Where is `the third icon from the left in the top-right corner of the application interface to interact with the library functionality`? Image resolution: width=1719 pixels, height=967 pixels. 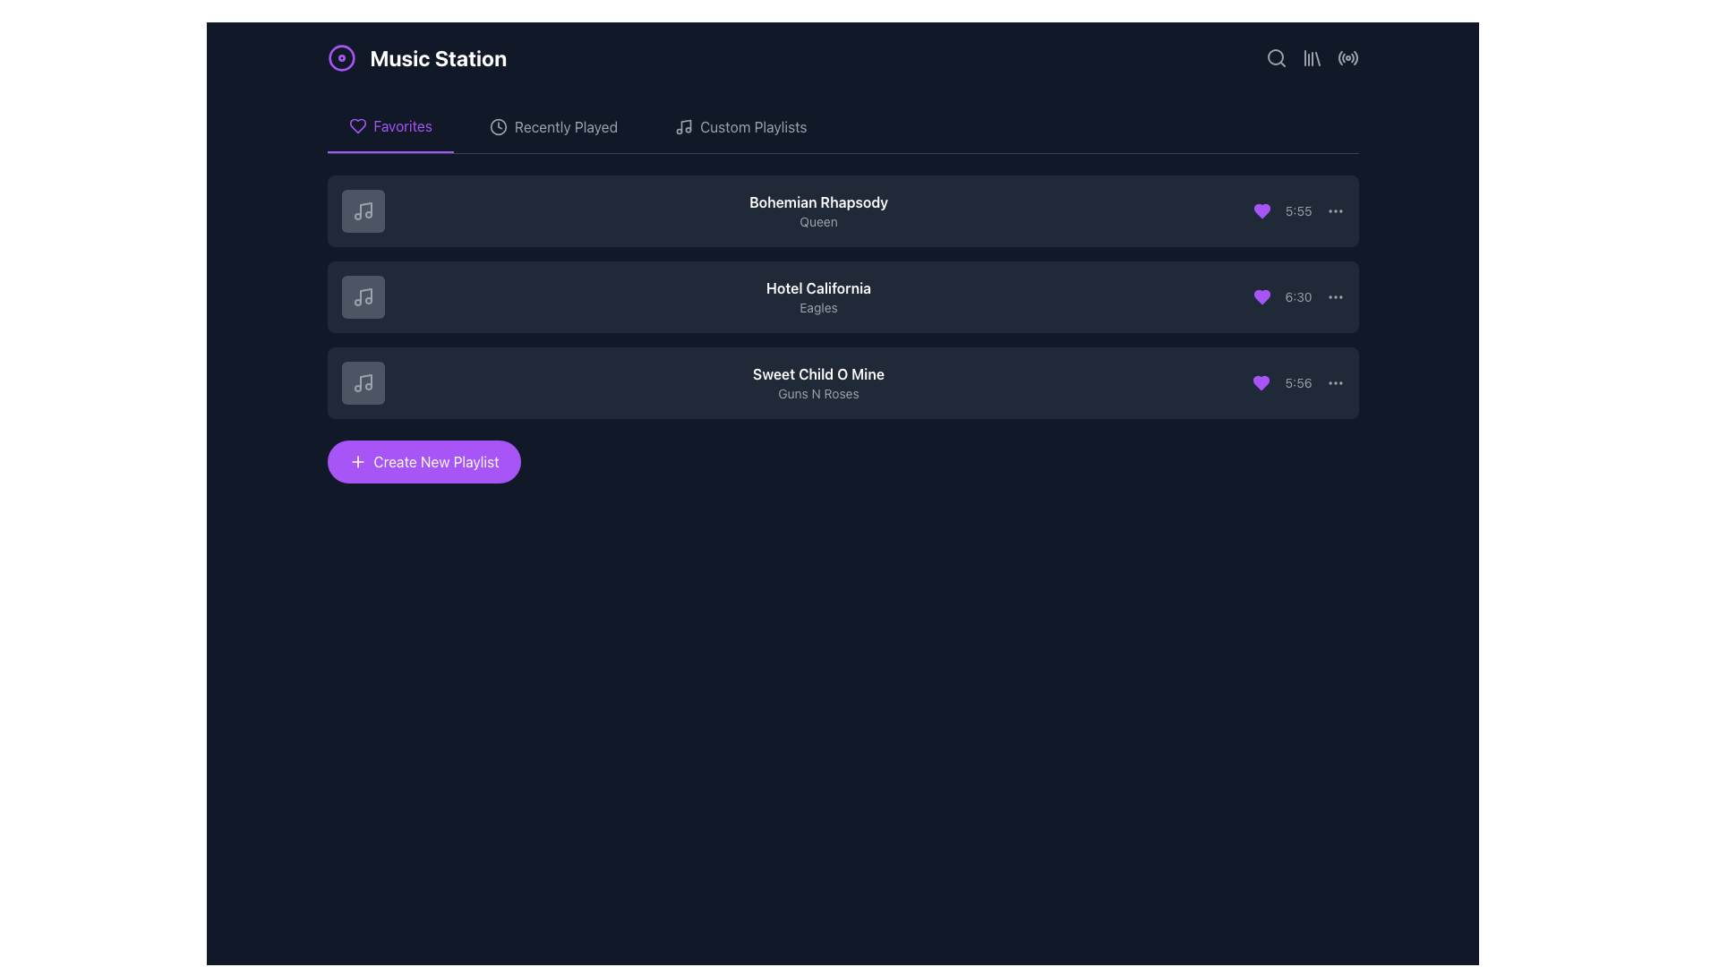 the third icon from the left in the top-right corner of the application interface to interact with the library functionality is located at coordinates (1312, 57).